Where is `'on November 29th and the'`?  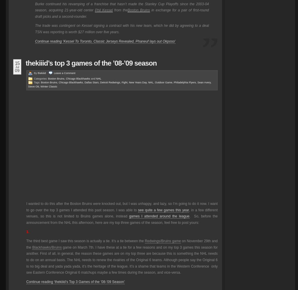
'on November 29th and the' is located at coordinates (122, 244).